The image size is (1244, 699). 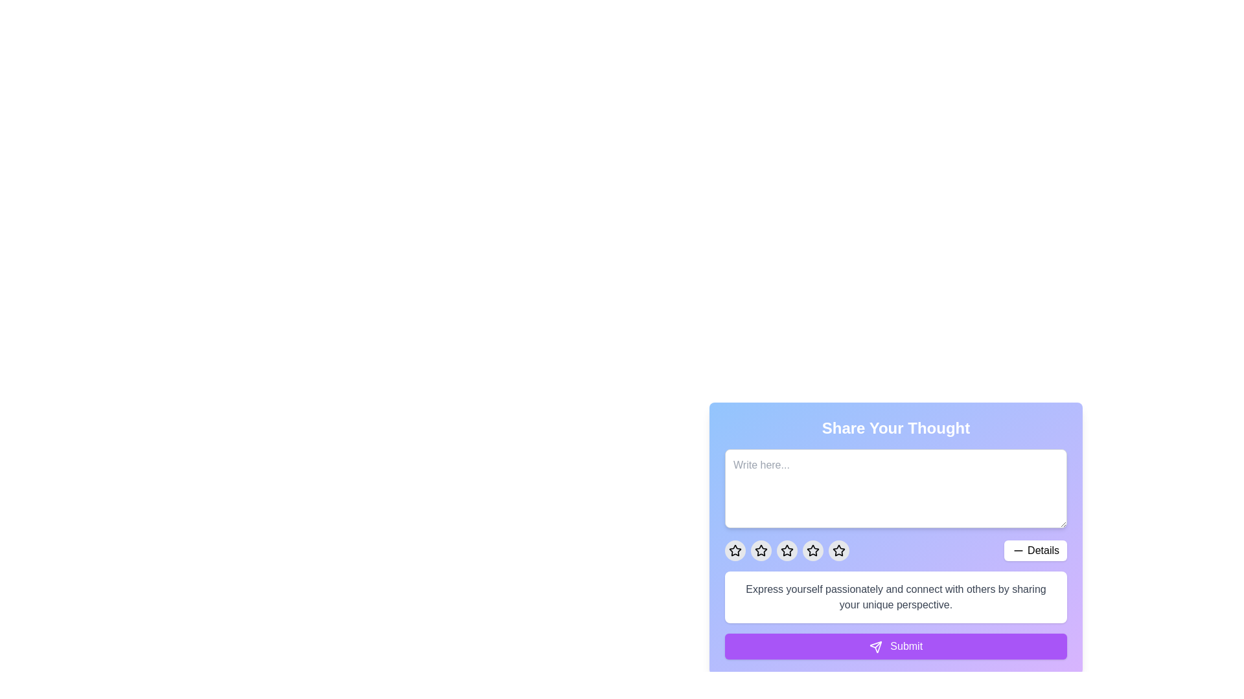 I want to click on the second star in the interactive rating button row, so click(x=761, y=550).